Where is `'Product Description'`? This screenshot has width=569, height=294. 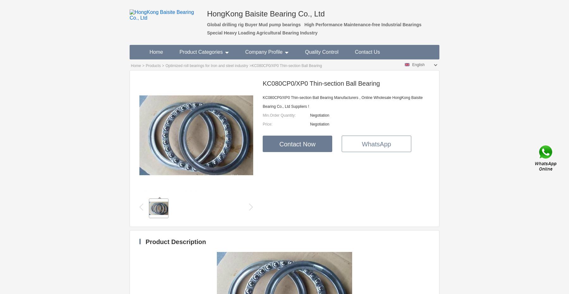 'Product Description' is located at coordinates (174, 242).